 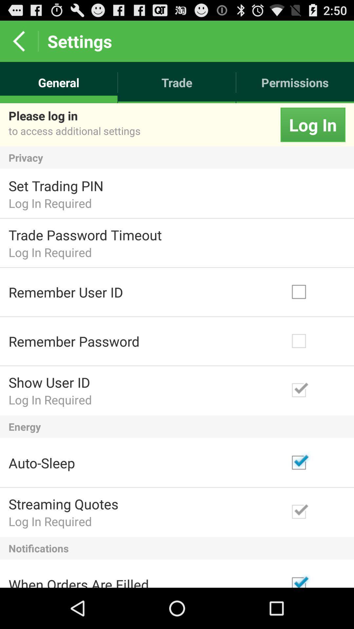 What do you see at coordinates (177, 427) in the screenshot?
I see `the energy icon` at bounding box center [177, 427].